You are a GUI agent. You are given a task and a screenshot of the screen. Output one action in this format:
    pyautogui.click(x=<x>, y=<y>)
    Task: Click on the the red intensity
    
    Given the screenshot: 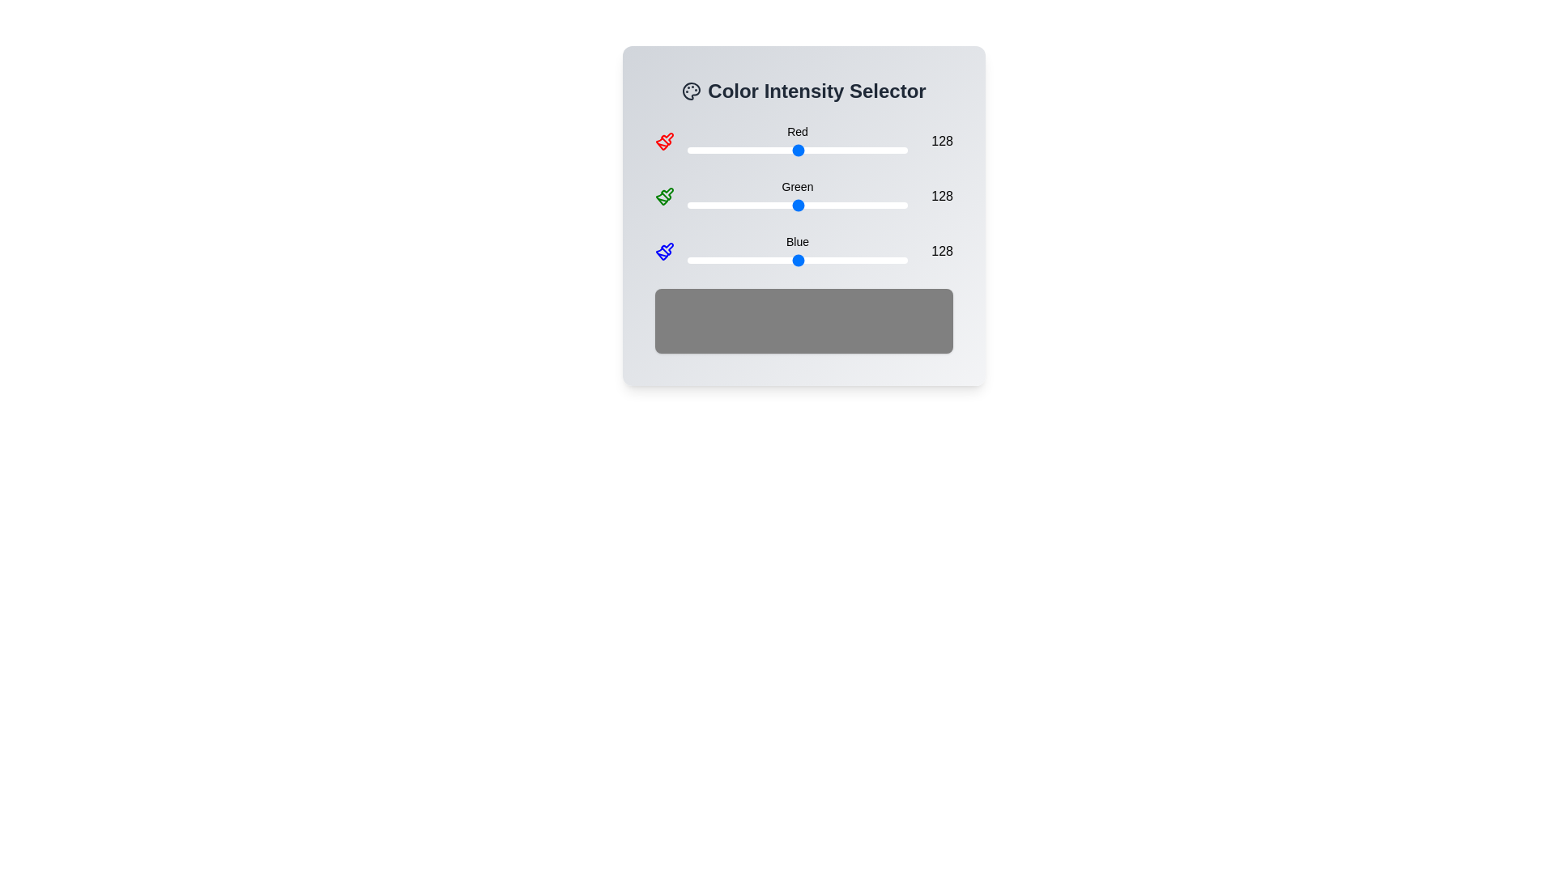 What is the action you would take?
    pyautogui.click(x=846, y=150)
    